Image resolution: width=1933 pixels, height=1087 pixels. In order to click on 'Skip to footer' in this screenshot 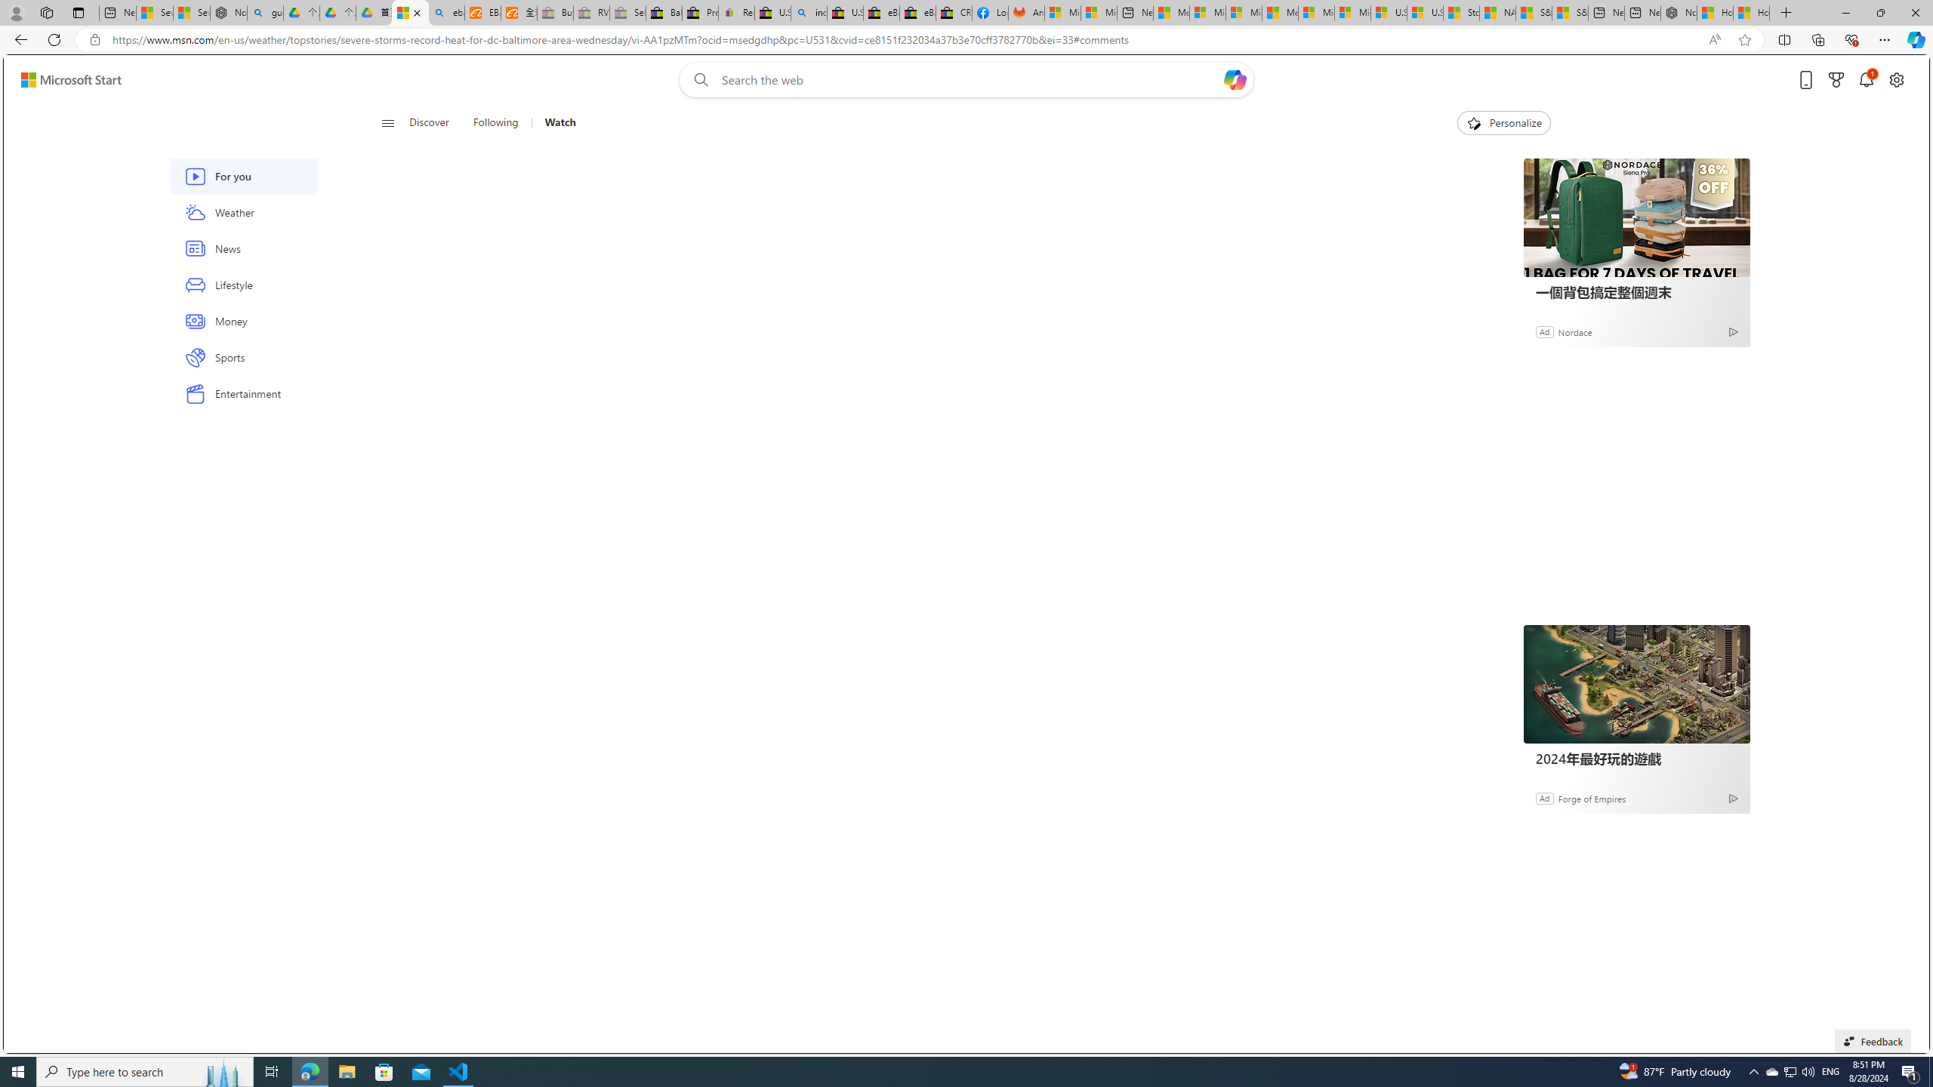, I will do `click(61, 79)`.